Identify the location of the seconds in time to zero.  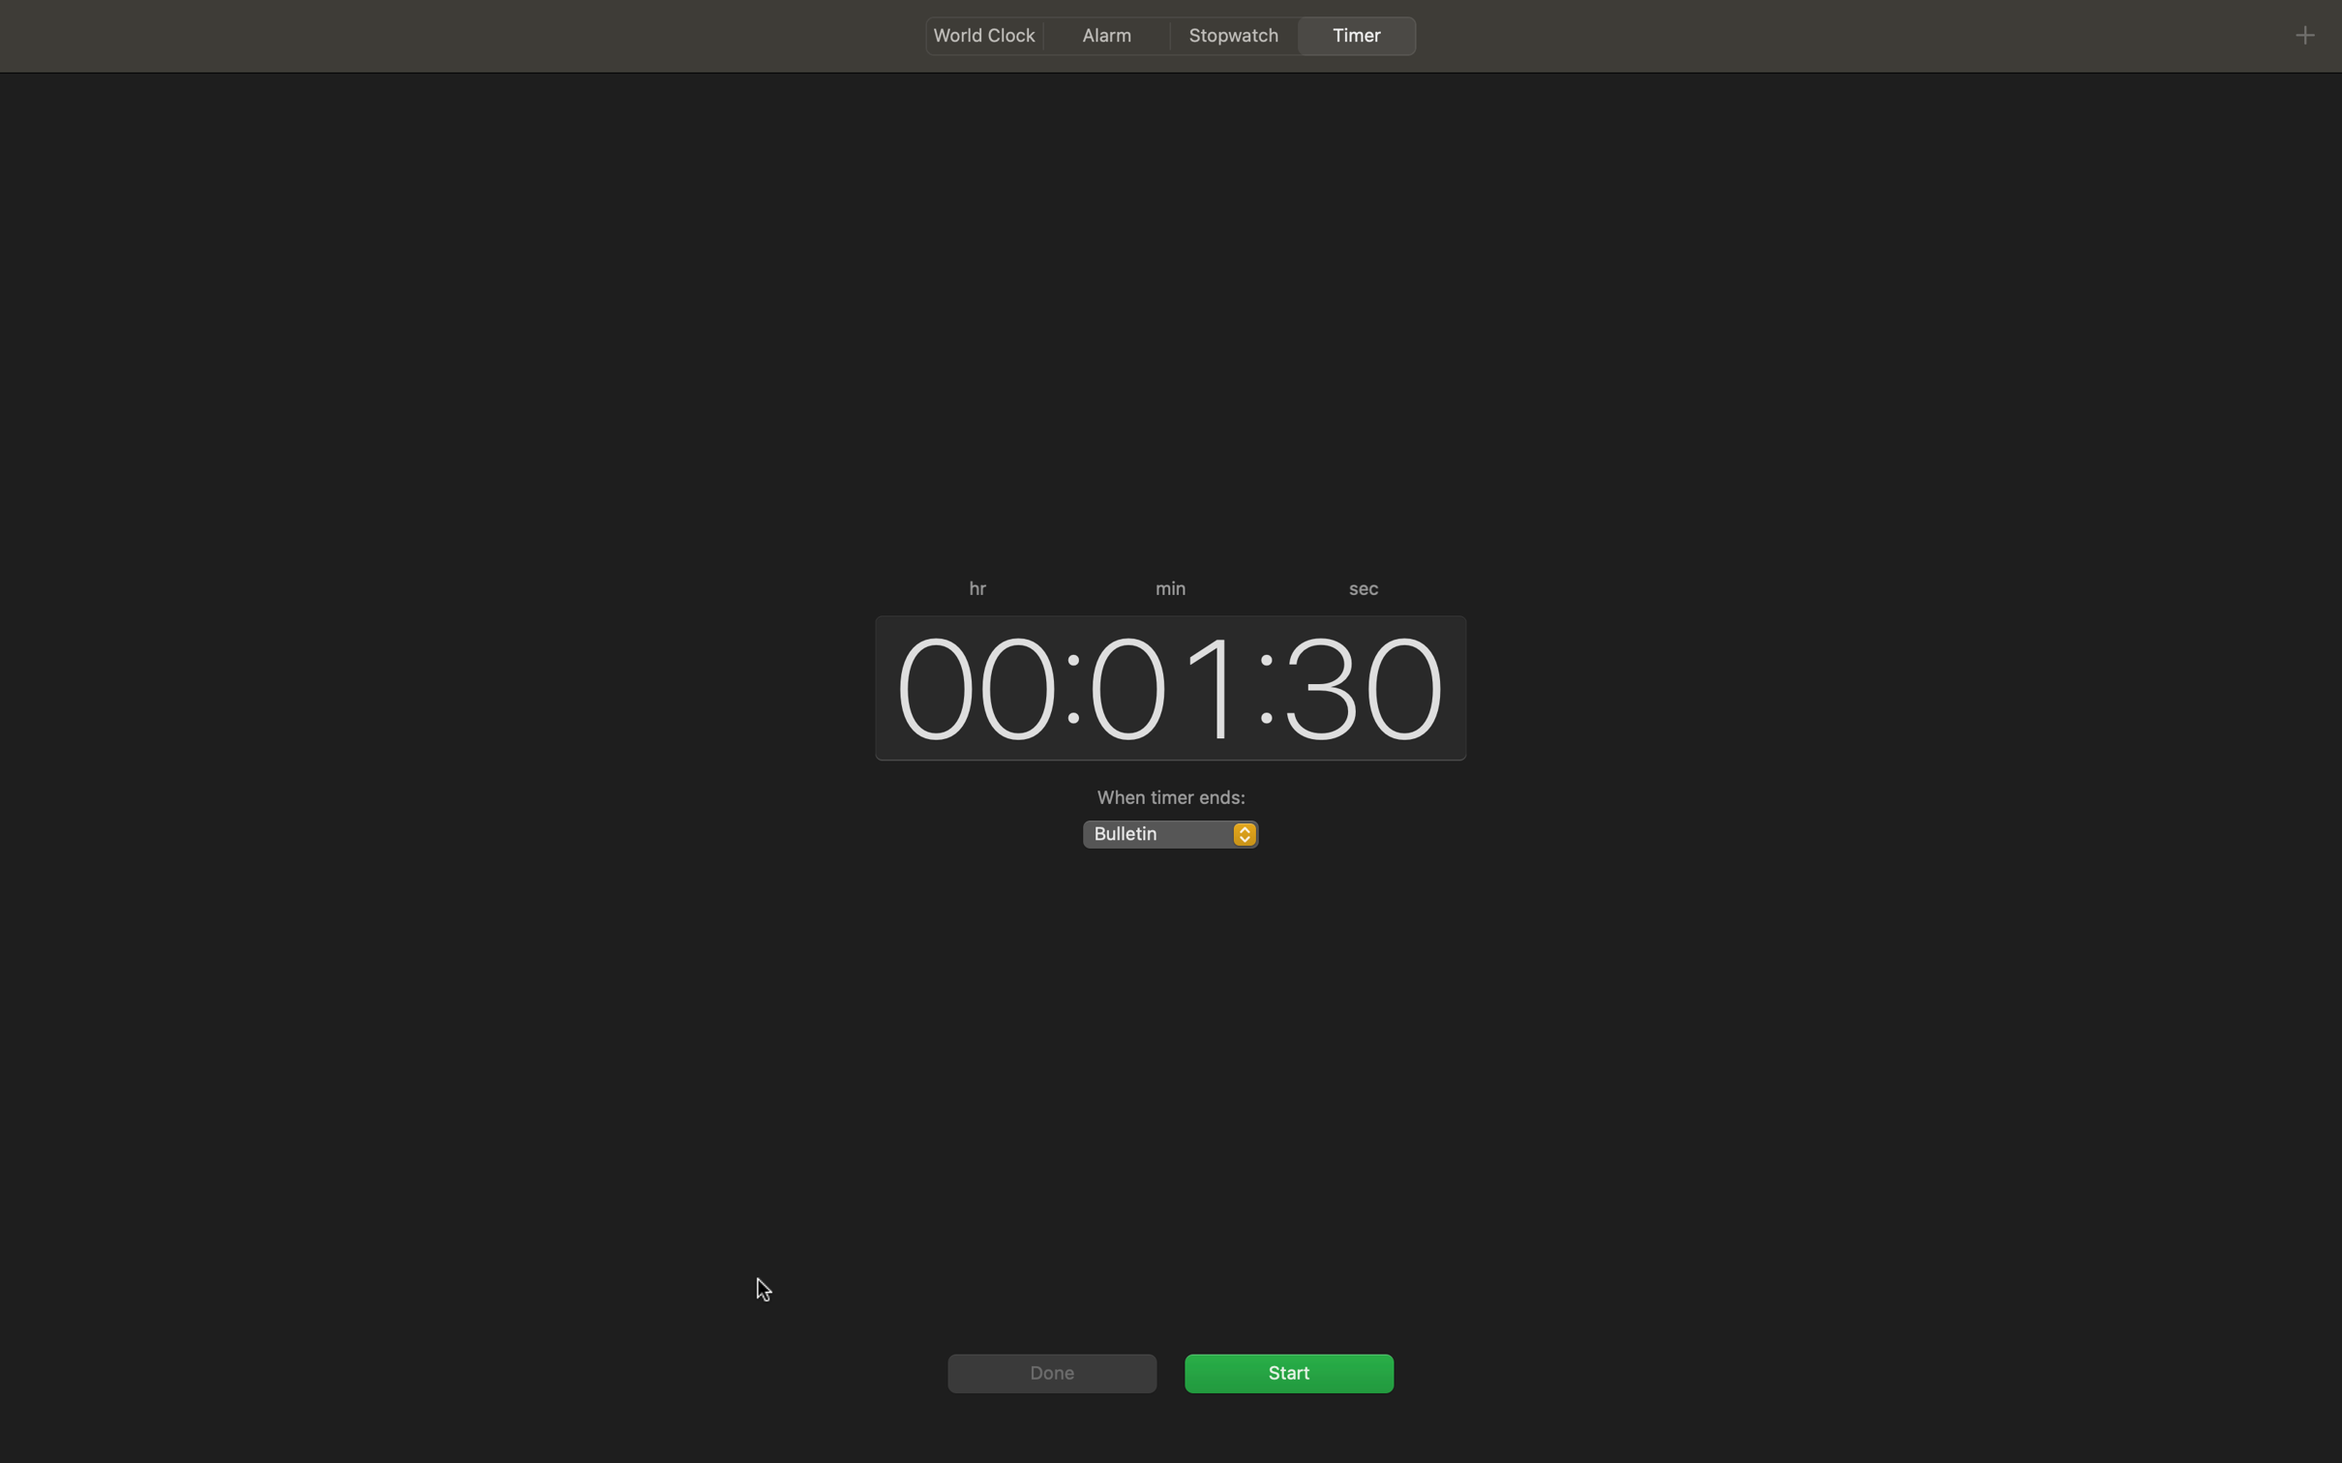
(1366, 682).